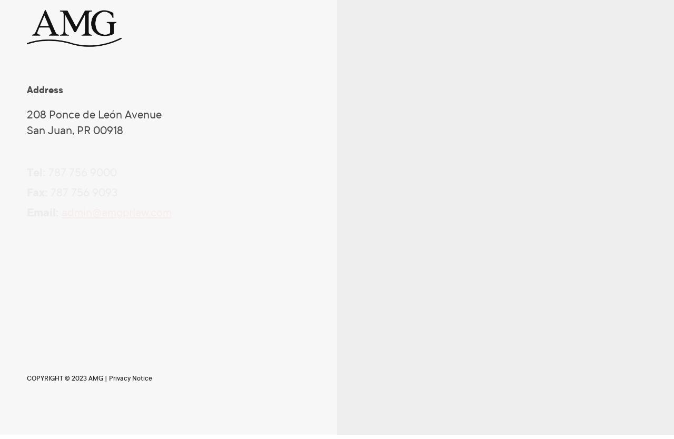  I want to click on 'Subscribe our list', so click(62, 269).